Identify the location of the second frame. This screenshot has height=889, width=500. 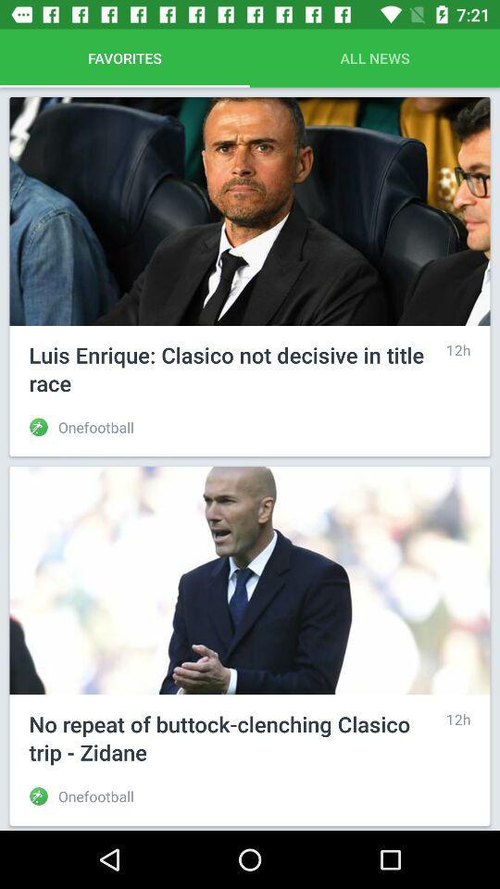
(250, 646).